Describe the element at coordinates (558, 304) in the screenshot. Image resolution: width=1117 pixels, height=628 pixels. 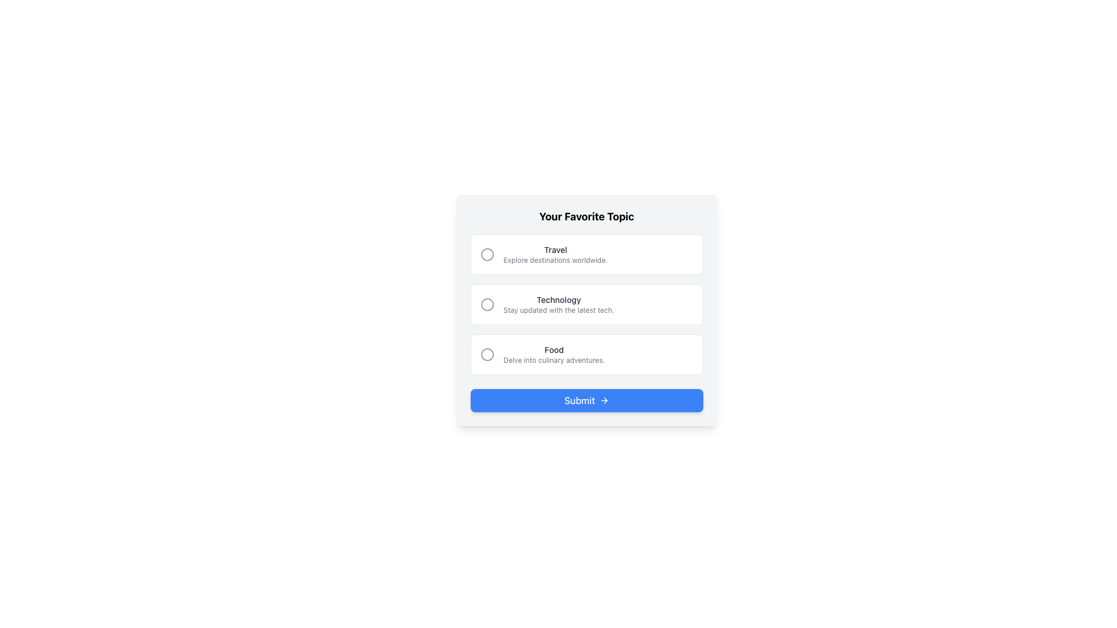
I see `the 'Technology' text label, which is the second item in a vertically stacked list of selection options, positioned between 'Travel' and 'Food'` at that location.